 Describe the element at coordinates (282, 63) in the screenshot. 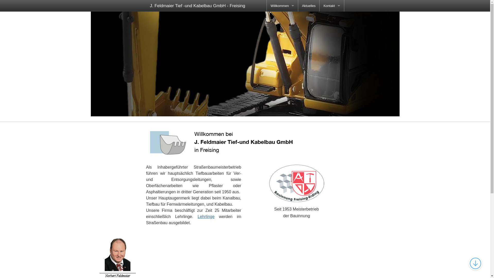

I see `'Datenschutz'` at that location.